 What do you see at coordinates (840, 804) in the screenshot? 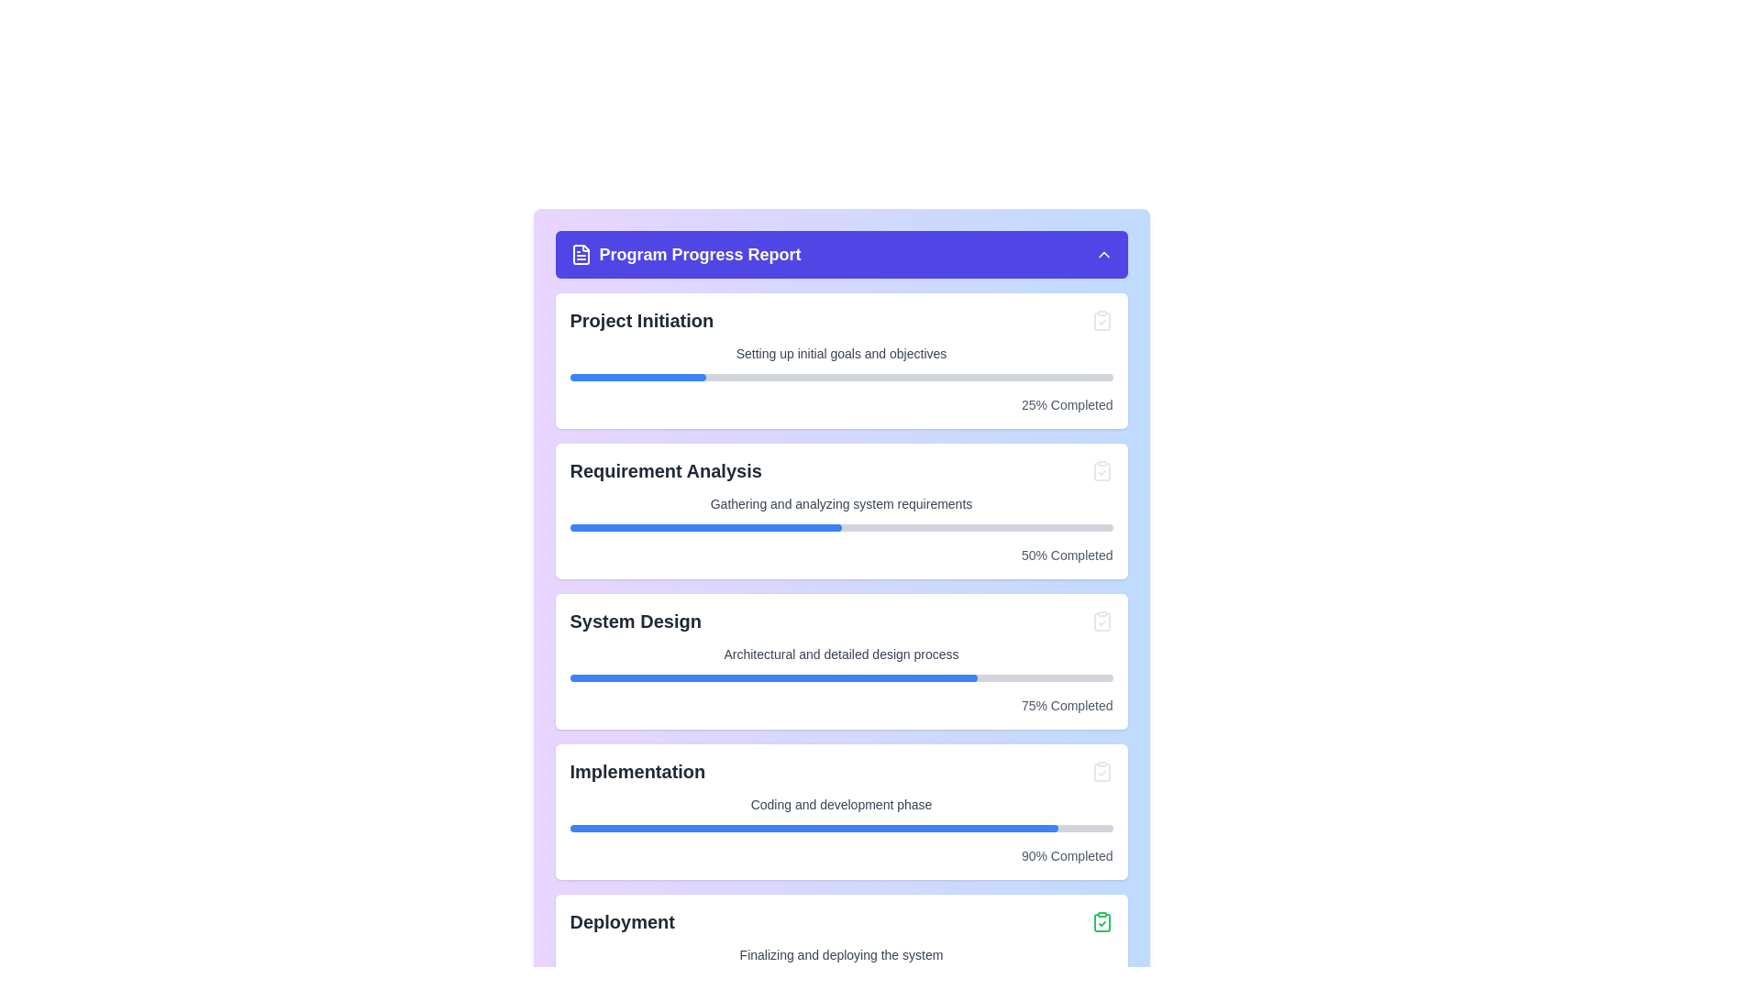
I see `the descriptive subtitle located in the 'Implementation' section, positioned below its title and a graphical progress bar, but above the numeric completion percentage` at bounding box center [840, 804].